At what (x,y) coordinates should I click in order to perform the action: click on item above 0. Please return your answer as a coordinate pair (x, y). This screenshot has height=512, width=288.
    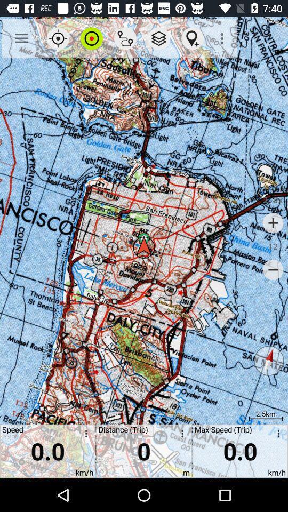
    Looking at the image, I should click on (192, 38).